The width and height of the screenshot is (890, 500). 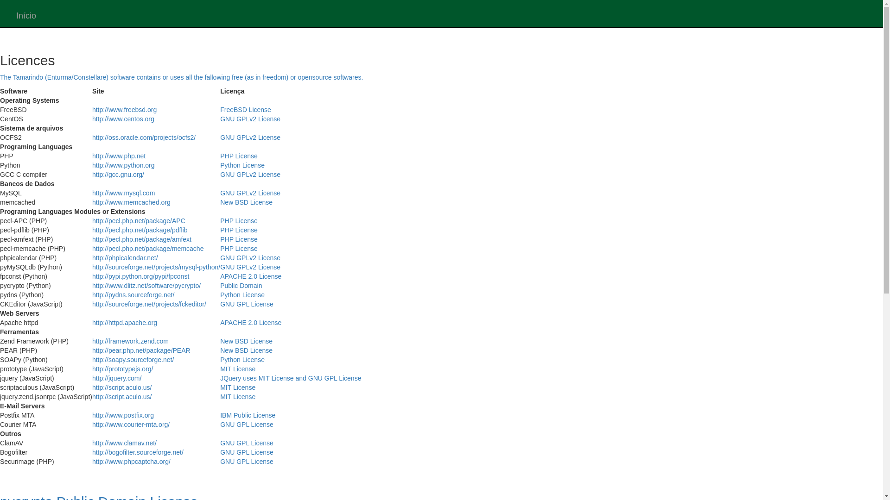 I want to click on 'http://pecl.php.net/package/memcache', so click(x=147, y=248).